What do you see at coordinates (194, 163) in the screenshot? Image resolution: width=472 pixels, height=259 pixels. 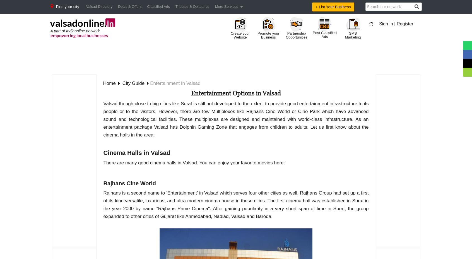 I see `'There are many good cinema halls in Valsad. You can enjoy your favorite movies here:'` at bounding box center [194, 163].